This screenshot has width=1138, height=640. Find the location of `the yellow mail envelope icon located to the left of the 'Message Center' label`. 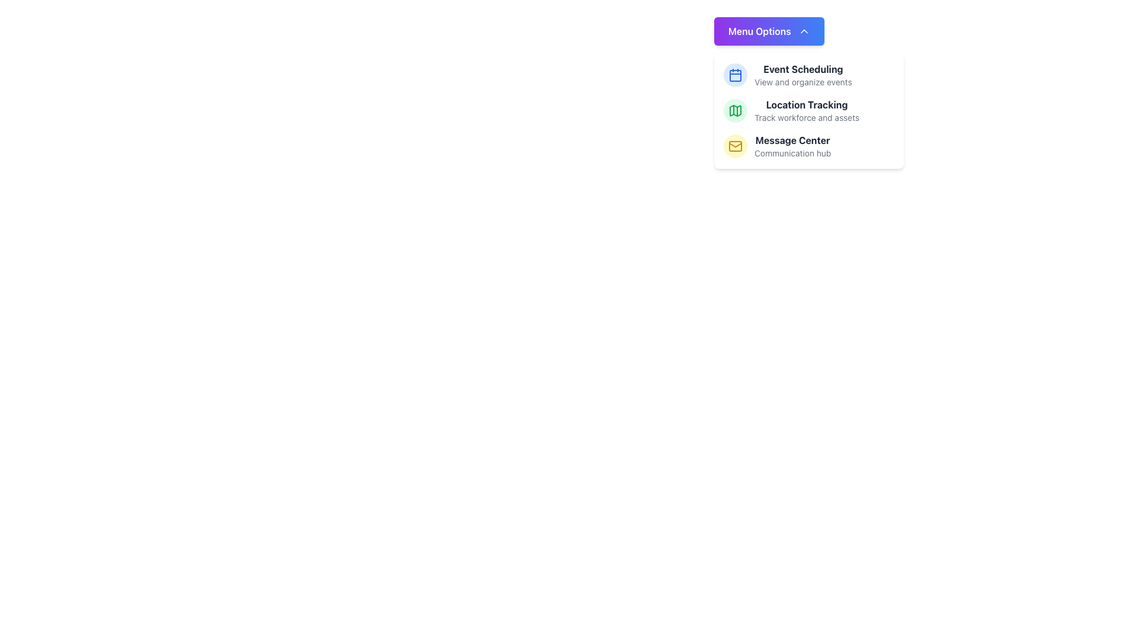

the yellow mail envelope icon located to the left of the 'Message Center' label is located at coordinates (735, 145).